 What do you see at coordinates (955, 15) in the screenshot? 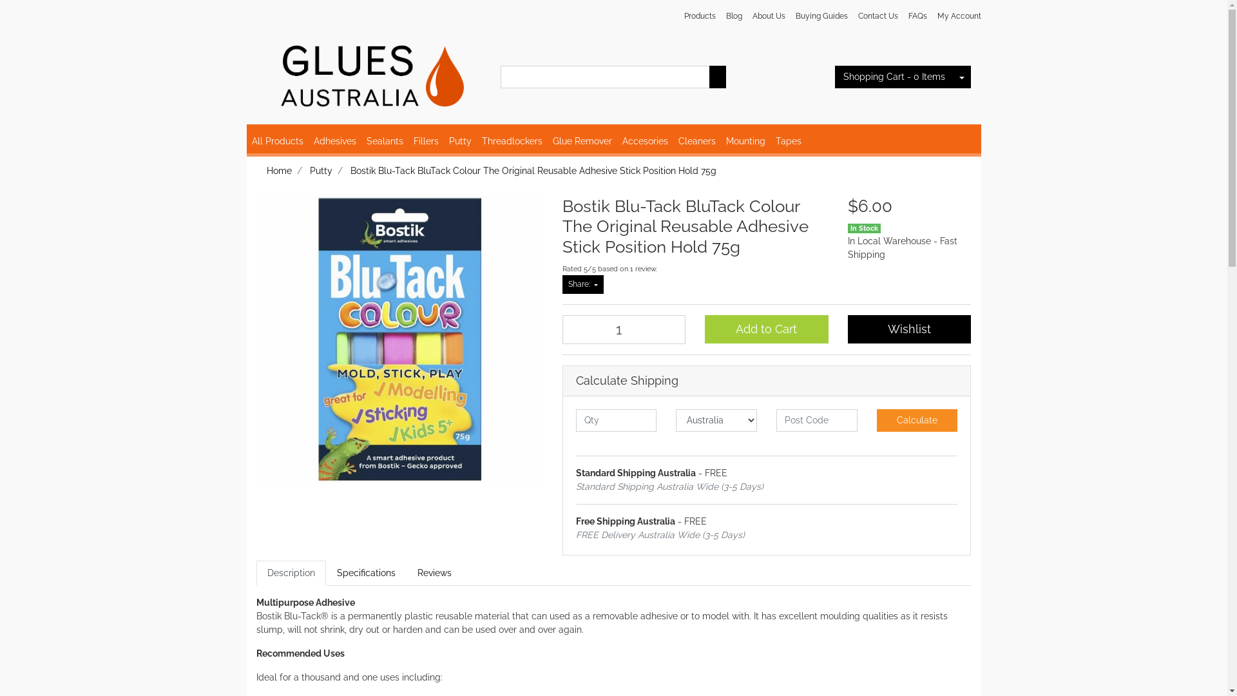
I see `'My Account'` at bounding box center [955, 15].